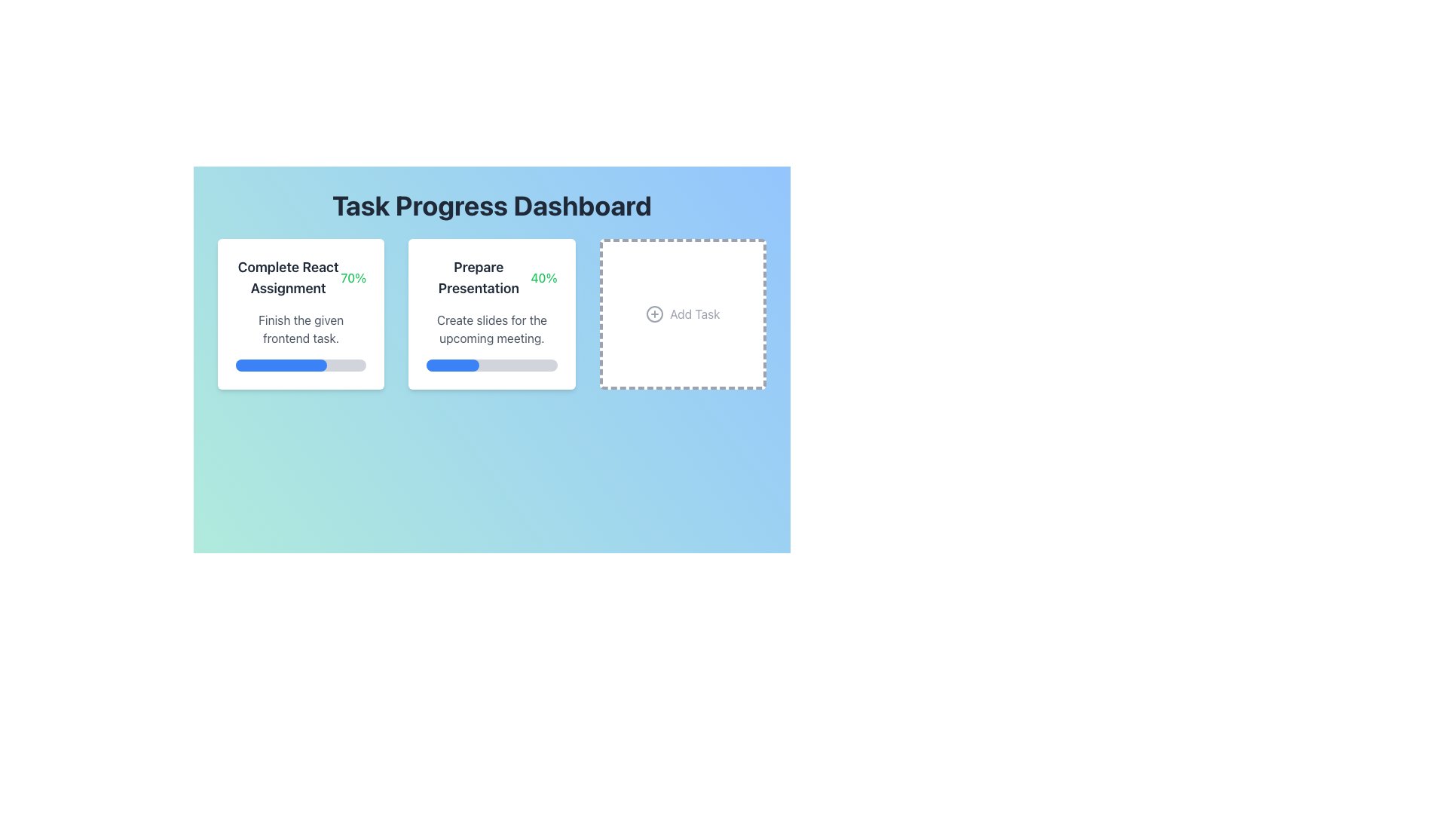 The height and width of the screenshot is (814, 1447). I want to click on the circular SVG element that is part of the 'Add Task' icon, located near the right side of the layout, so click(655, 313).